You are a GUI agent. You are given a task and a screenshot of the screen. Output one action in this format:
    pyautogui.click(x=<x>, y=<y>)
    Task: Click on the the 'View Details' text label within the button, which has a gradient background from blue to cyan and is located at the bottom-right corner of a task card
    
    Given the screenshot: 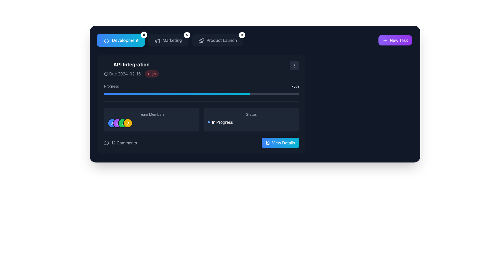 What is the action you would take?
    pyautogui.click(x=283, y=143)
    